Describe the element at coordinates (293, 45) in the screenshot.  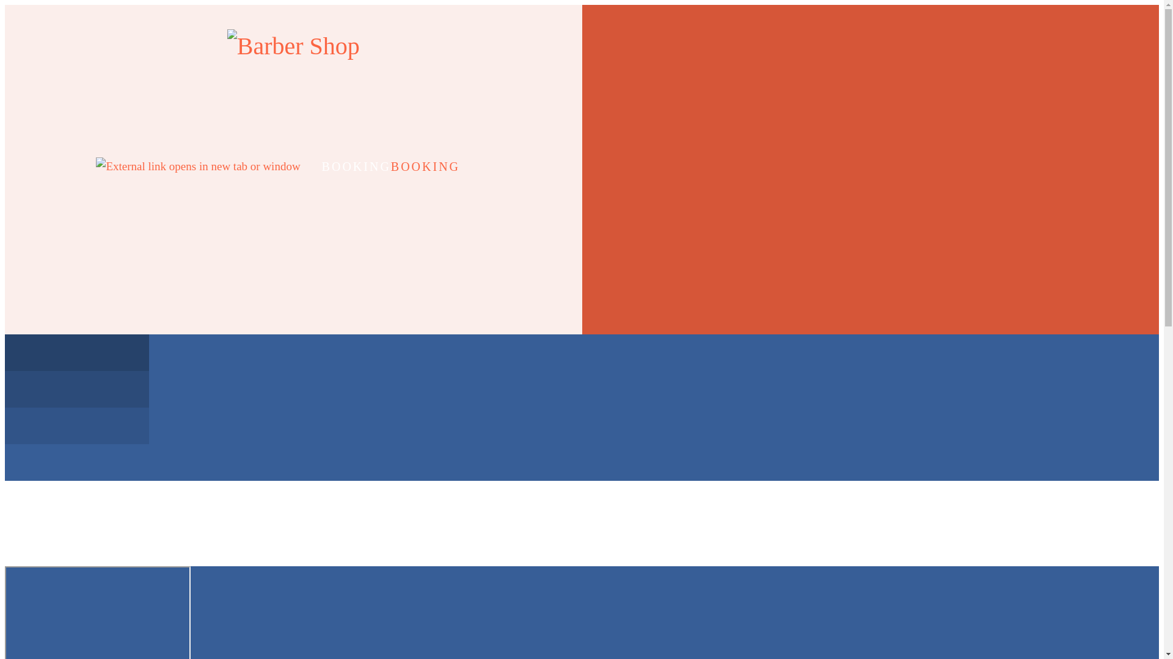
I see `'Go to site home page'` at that location.